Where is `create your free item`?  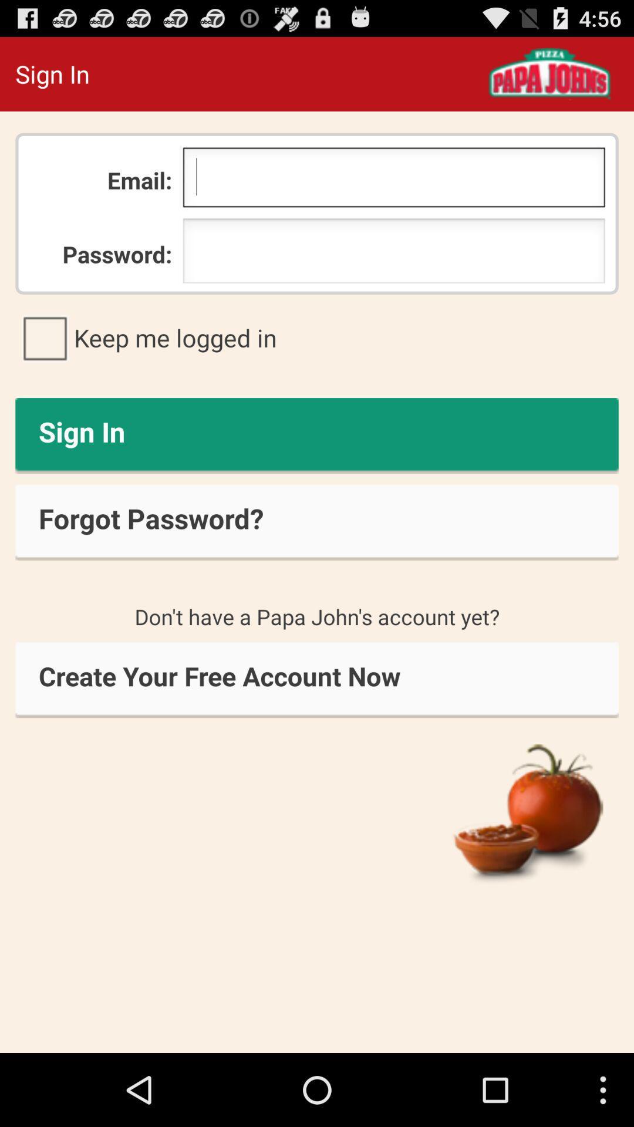 create your free item is located at coordinates (317, 680).